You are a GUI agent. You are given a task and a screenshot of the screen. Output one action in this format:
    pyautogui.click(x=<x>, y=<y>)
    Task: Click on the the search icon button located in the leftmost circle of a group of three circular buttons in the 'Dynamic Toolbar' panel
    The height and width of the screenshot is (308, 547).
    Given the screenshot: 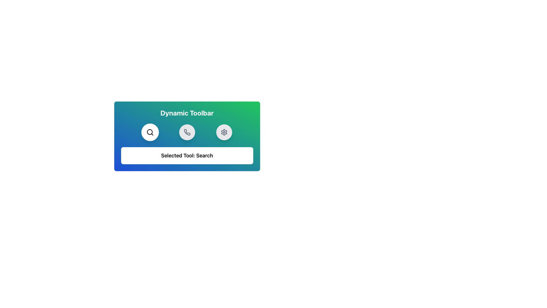 What is the action you would take?
    pyautogui.click(x=150, y=132)
    